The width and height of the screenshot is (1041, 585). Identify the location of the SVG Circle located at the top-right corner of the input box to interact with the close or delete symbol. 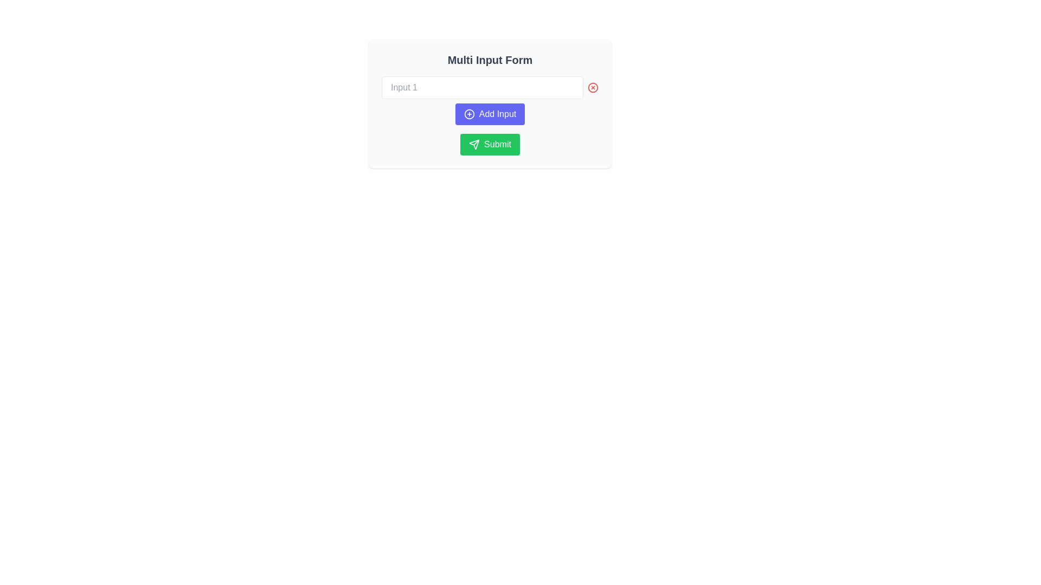
(593, 87).